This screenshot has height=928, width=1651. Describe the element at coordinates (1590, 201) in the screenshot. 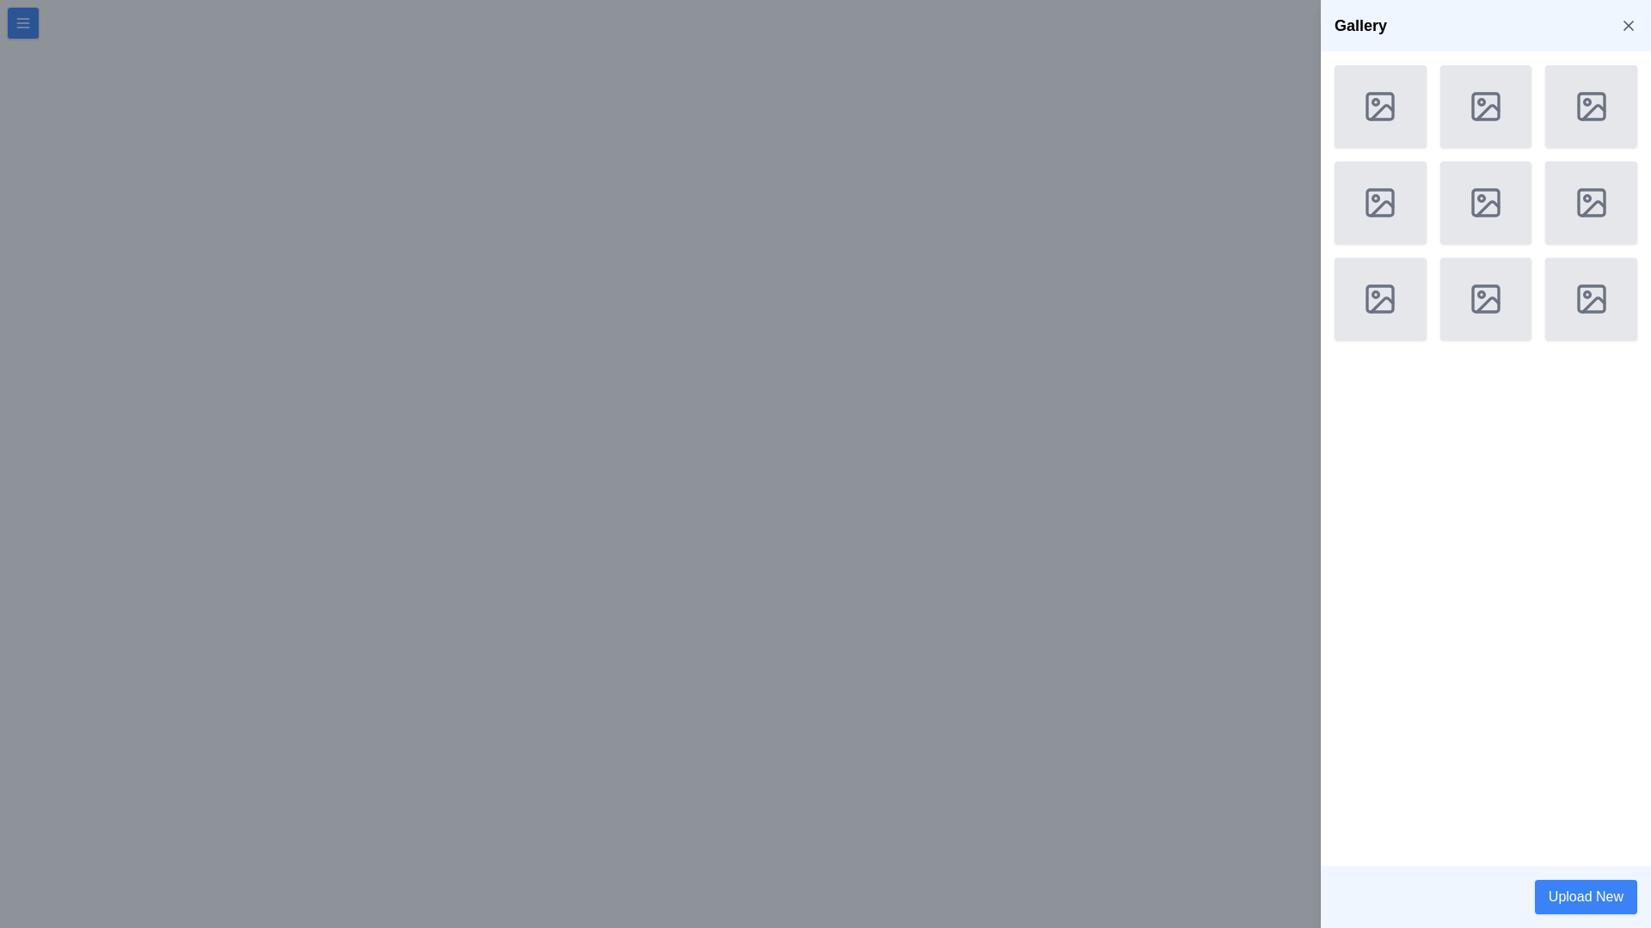

I see `the icon in the third row, third column of the gallery grid` at that location.